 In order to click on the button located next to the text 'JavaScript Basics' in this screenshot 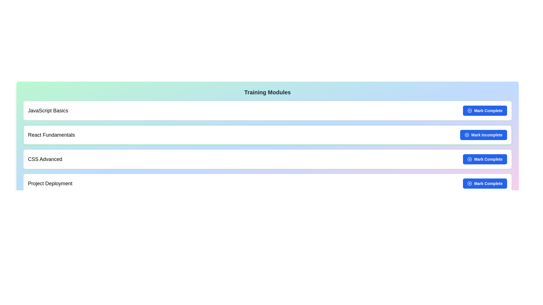, I will do `click(484, 111)`.